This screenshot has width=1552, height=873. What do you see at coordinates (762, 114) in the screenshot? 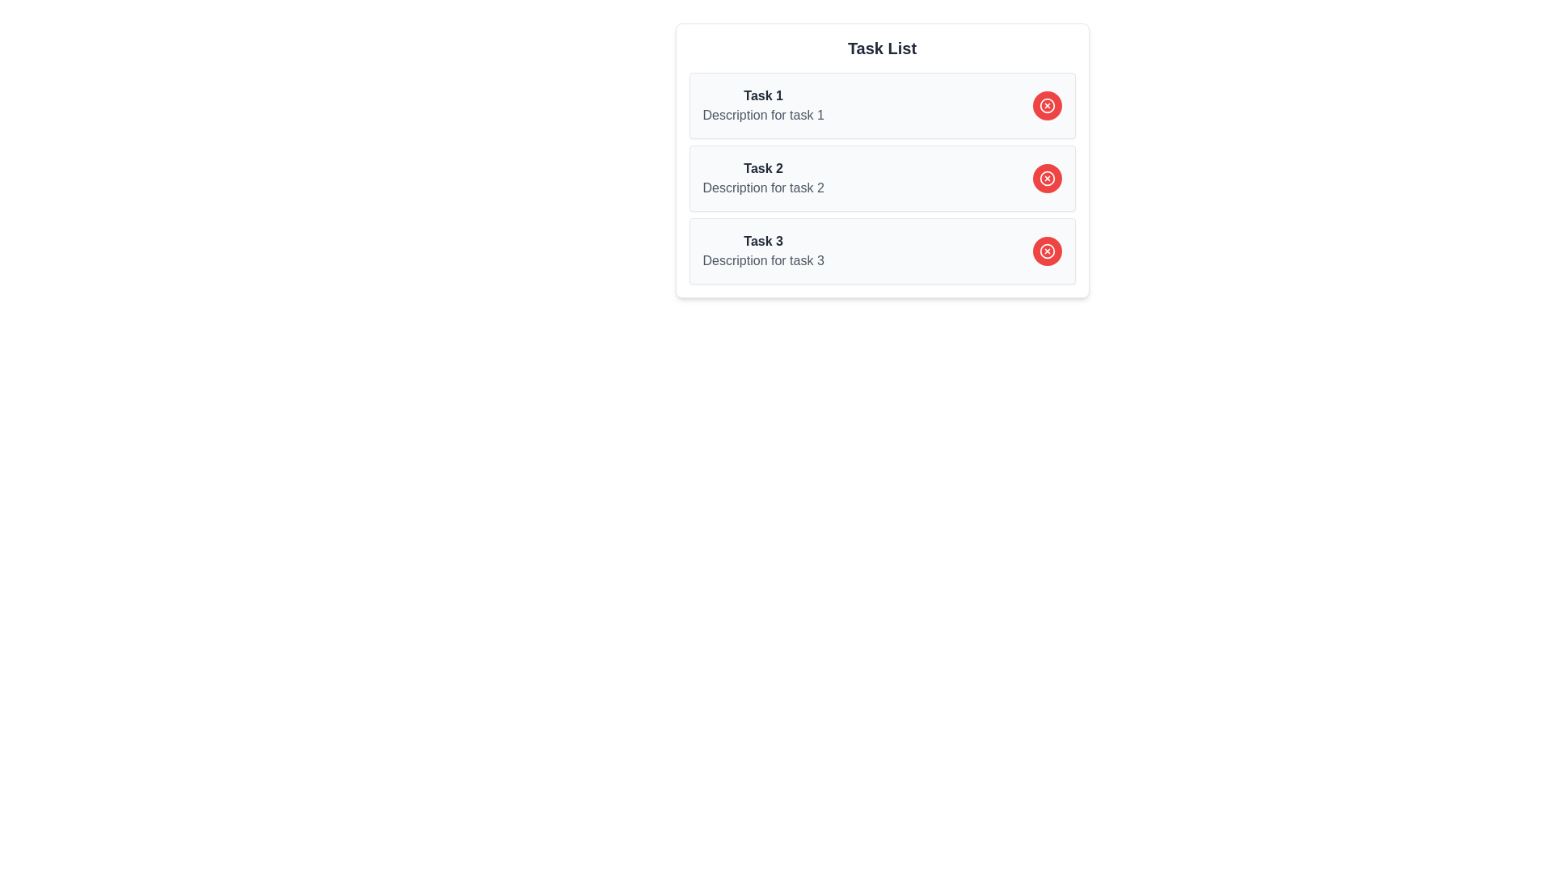
I see `the static text providing additional descriptive information about 'Task 1', located in the upper-left area of the main interface under the task title` at bounding box center [762, 114].